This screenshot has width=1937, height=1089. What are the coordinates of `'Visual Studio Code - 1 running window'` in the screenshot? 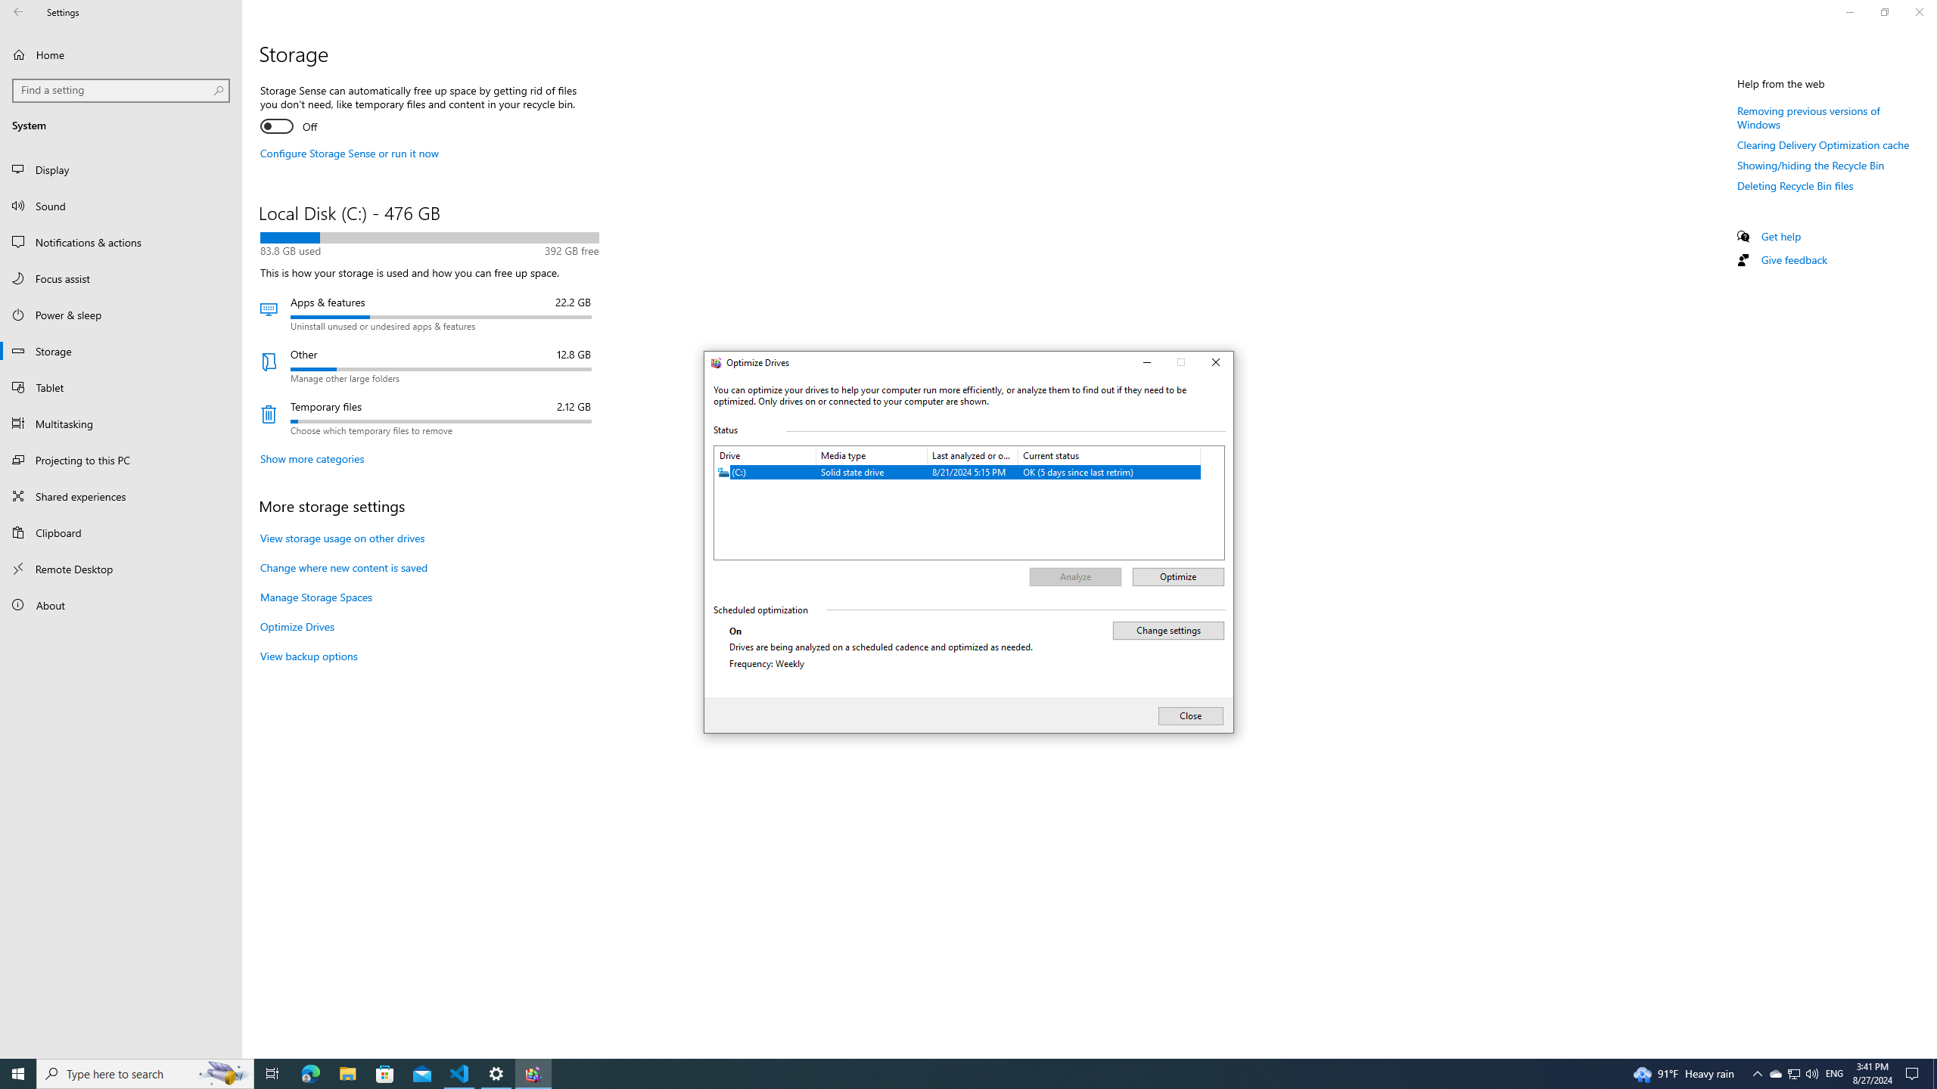 It's located at (459, 1072).